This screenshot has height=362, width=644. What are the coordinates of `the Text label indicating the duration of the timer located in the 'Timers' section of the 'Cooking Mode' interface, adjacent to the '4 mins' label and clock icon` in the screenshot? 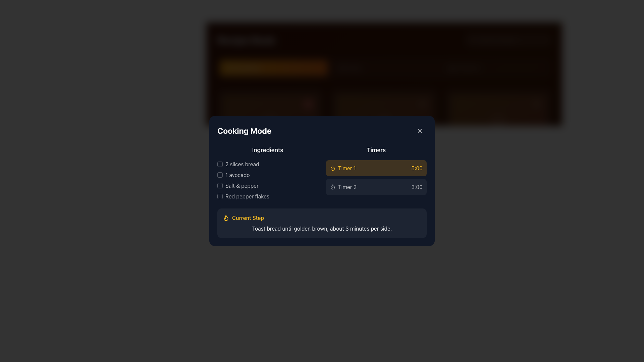 It's located at (348, 169).